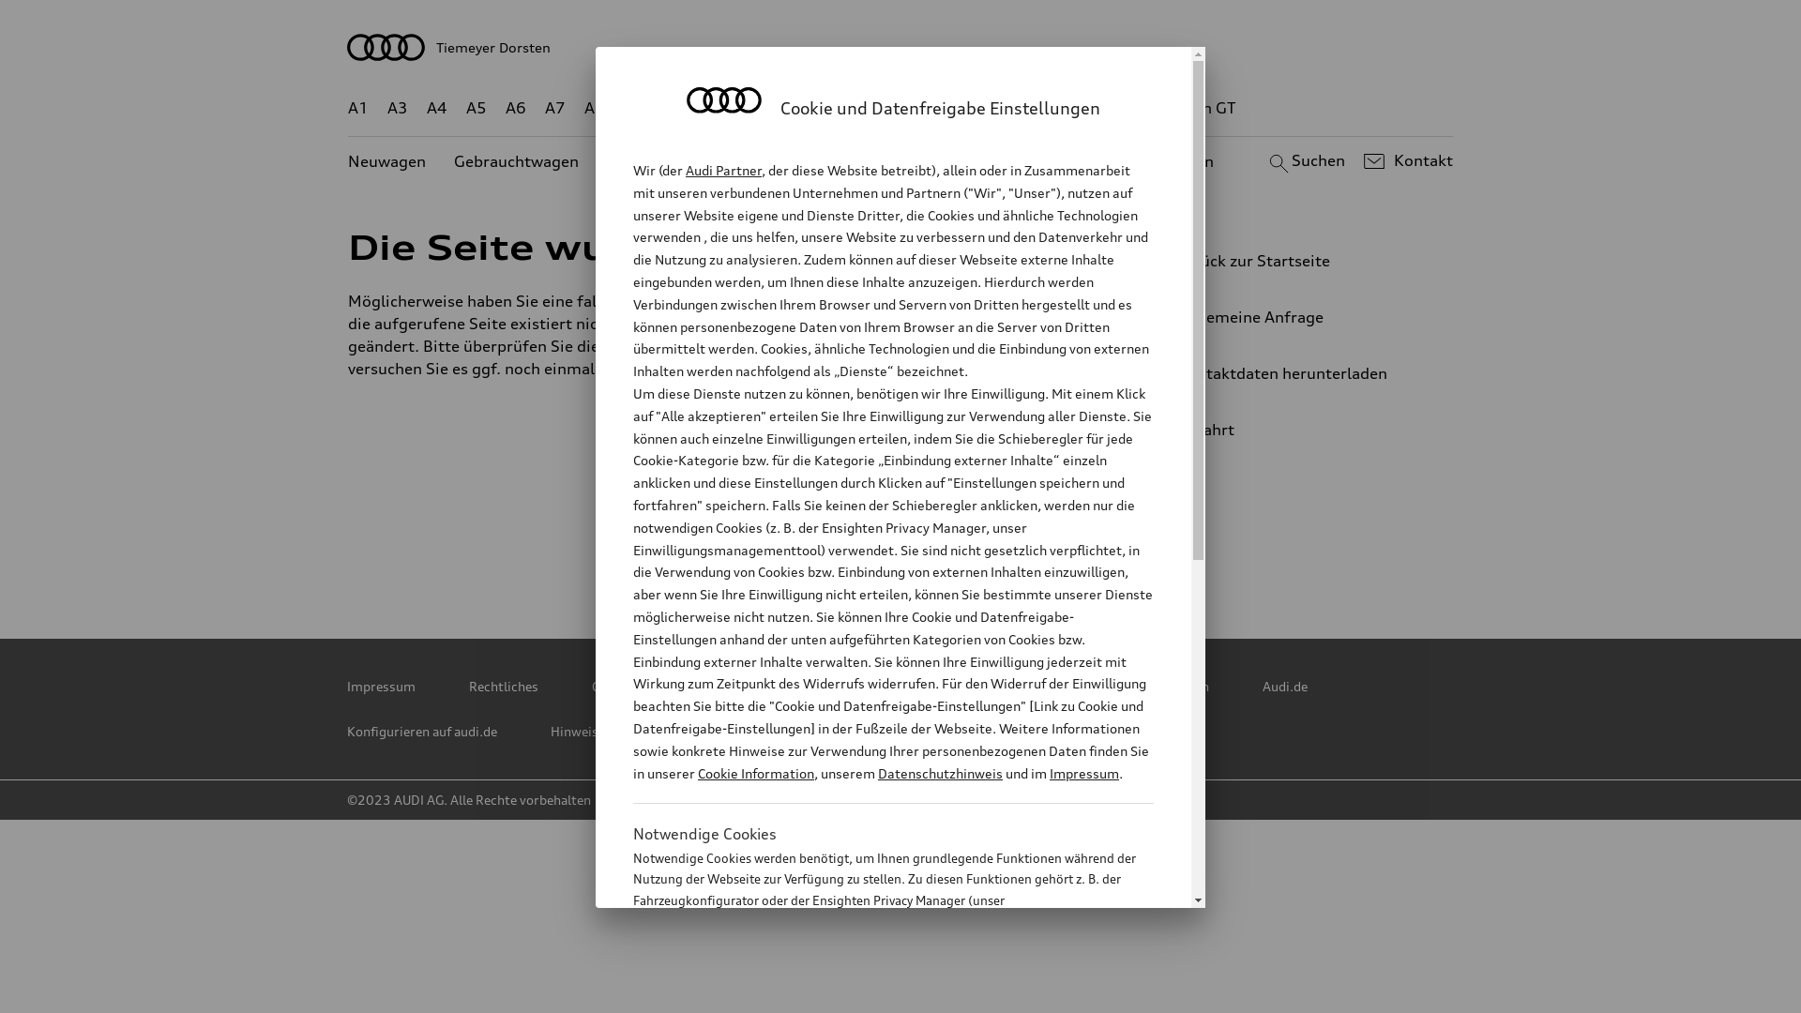 The image size is (1801, 1013). What do you see at coordinates (689, 687) in the screenshot?
I see `'Copyright & Haftungsausschluss'` at bounding box center [689, 687].